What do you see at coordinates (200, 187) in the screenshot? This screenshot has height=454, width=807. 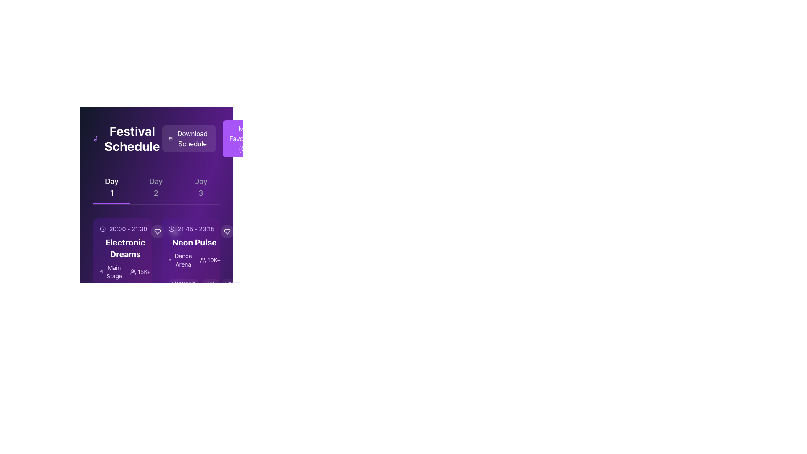 I see `the 'Day 3' button` at bounding box center [200, 187].